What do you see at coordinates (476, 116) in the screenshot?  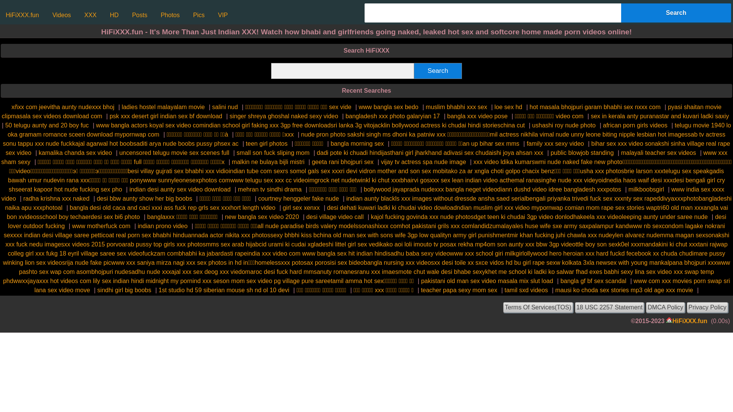 I see `'bangla xxx video pose'` at bounding box center [476, 116].